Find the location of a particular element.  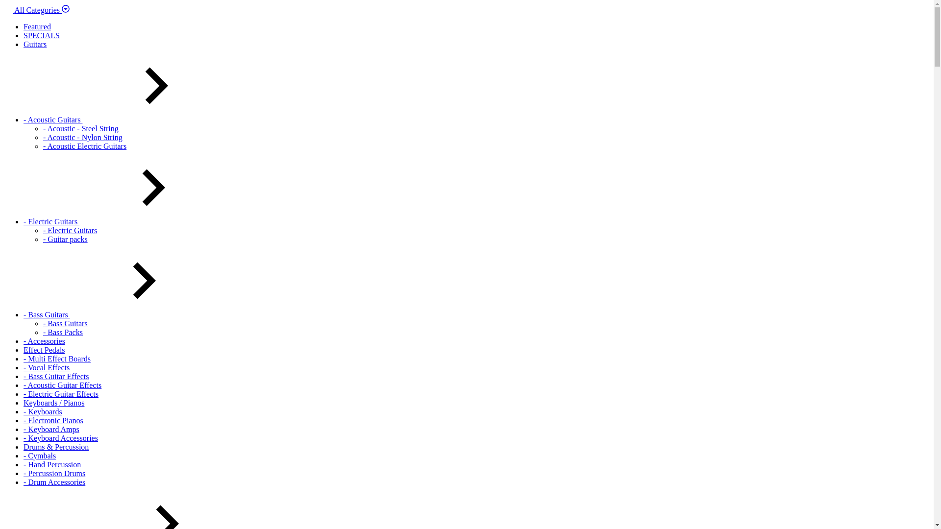

'- Electronic Pianos' is located at coordinates (24, 420).